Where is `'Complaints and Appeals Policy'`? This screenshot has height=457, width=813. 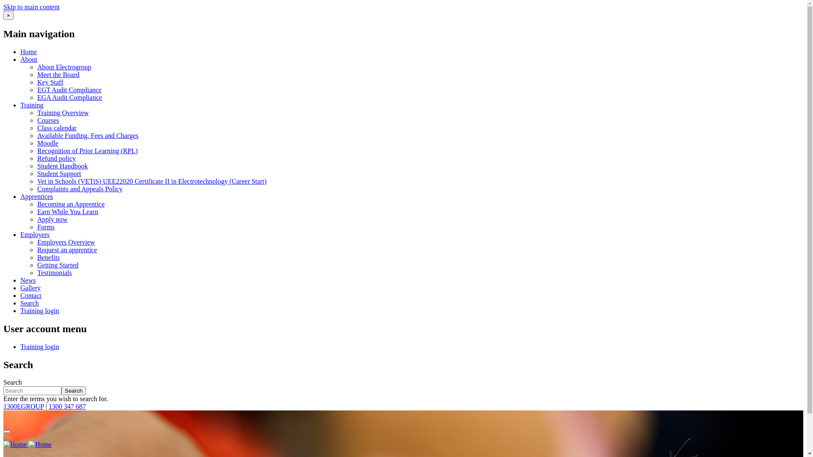 'Complaints and Appeals Policy' is located at coordinates (80, 188).